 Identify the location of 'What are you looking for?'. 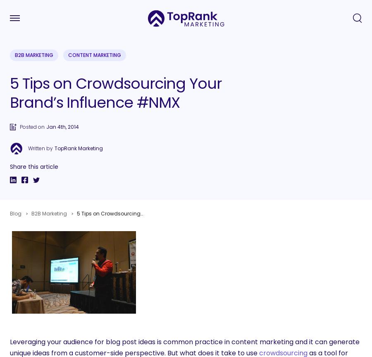
(57, 203).